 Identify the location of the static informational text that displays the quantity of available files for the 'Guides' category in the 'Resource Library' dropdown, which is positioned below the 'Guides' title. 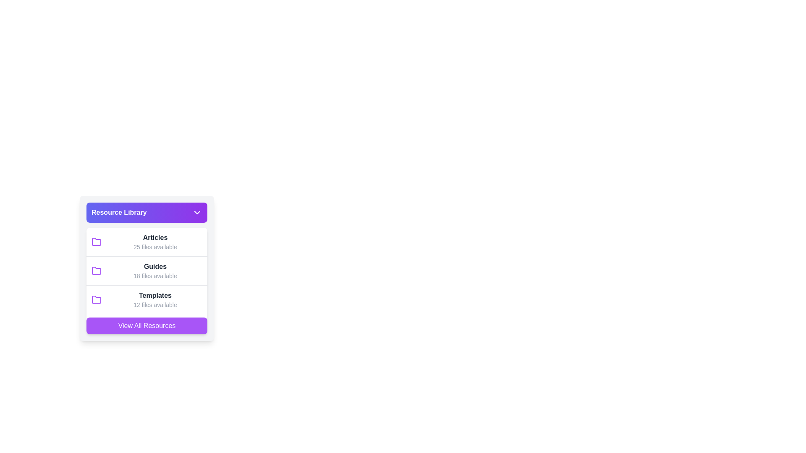
(155, 276).